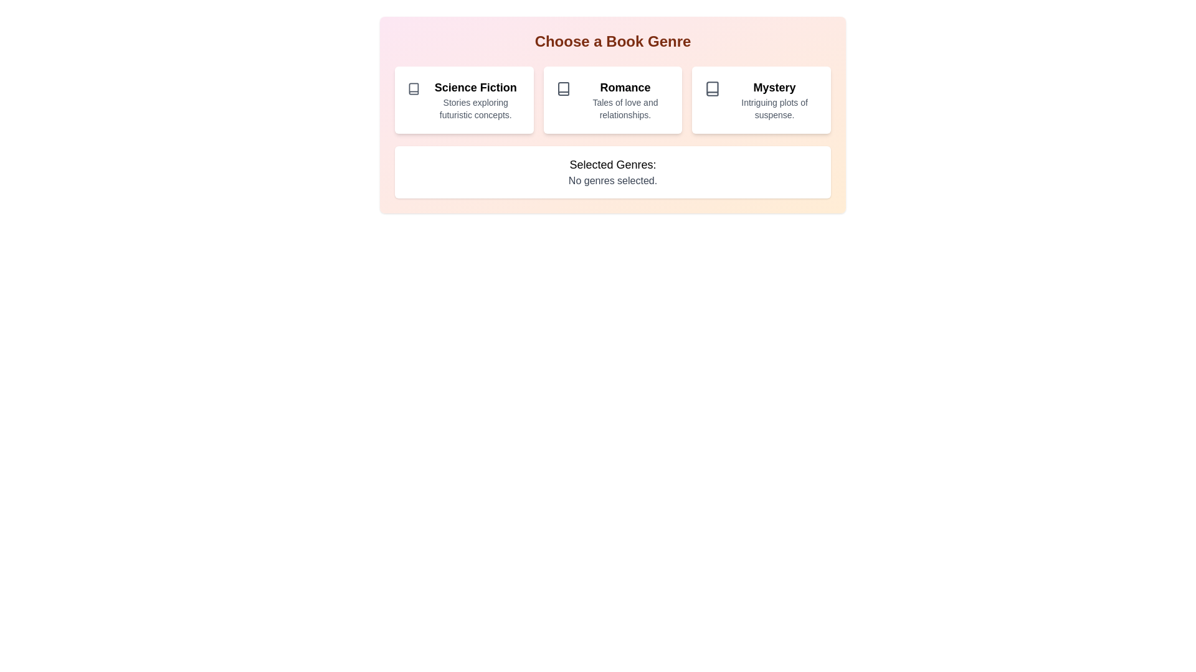 This screenshot has width=1196, height=672. I want to click on the label displaying 'No genres selected.' which is styled in gray font and is located below the 'Selected Genres:' heading, so click(612, 180).